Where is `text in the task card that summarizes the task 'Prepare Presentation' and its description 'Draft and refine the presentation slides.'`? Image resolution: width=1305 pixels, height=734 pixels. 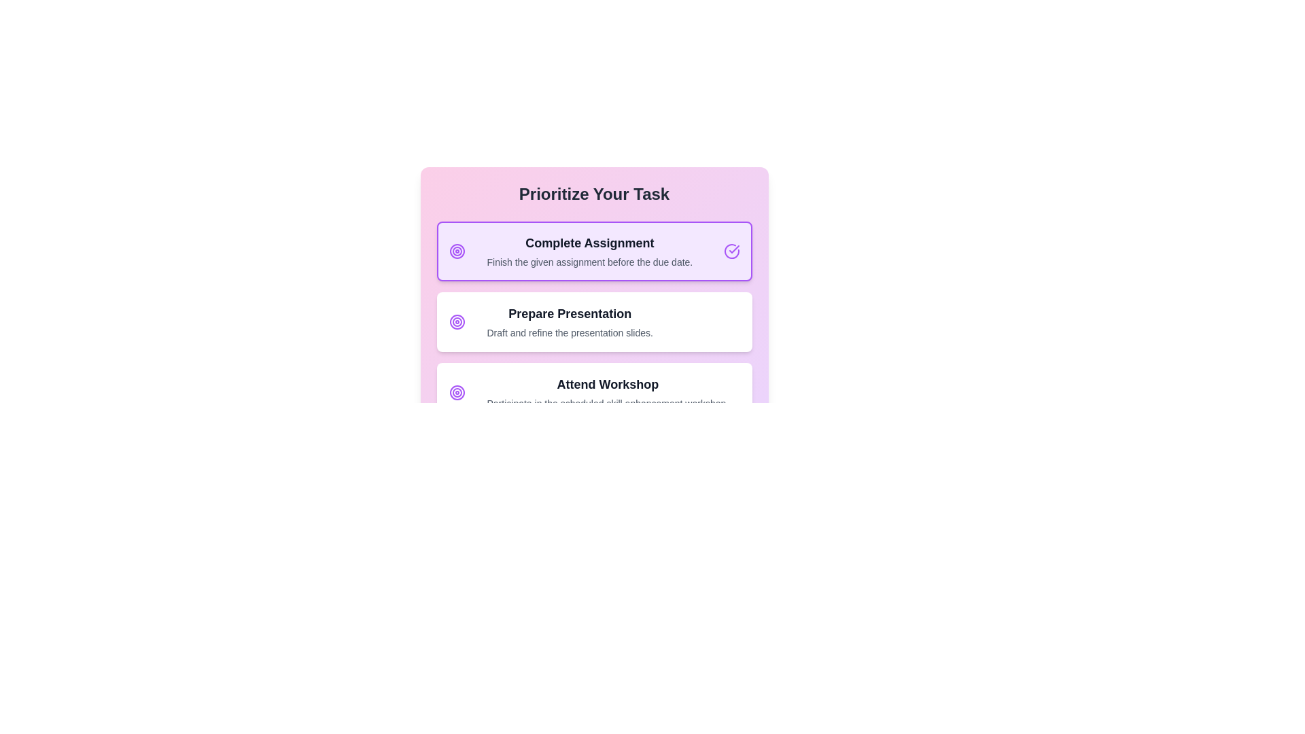
text in the task card that summarizes the task 'Prepare Presentation' and its description 'Draft and refine the presentation slides.' is located at coordinates (594, 322).